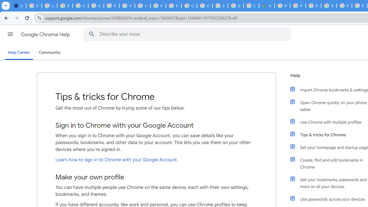 The image size is (368, 207). What do you see at coordinates (46, 34) in the screenshot?
I see `'Google Chrome Help'` at bounding box center [46, 34].